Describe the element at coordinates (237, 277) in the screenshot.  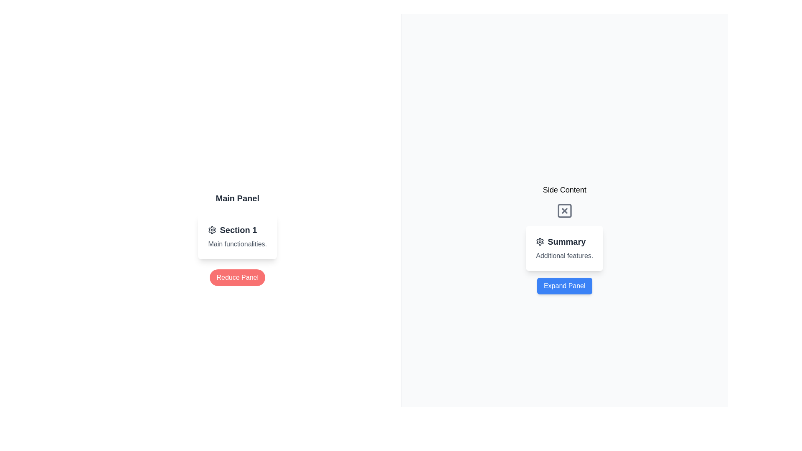
I see `the oval-shaped red button labeled 'Reduce Panel' located below 'Main functionalities.' and 'Section 1'` at that location.